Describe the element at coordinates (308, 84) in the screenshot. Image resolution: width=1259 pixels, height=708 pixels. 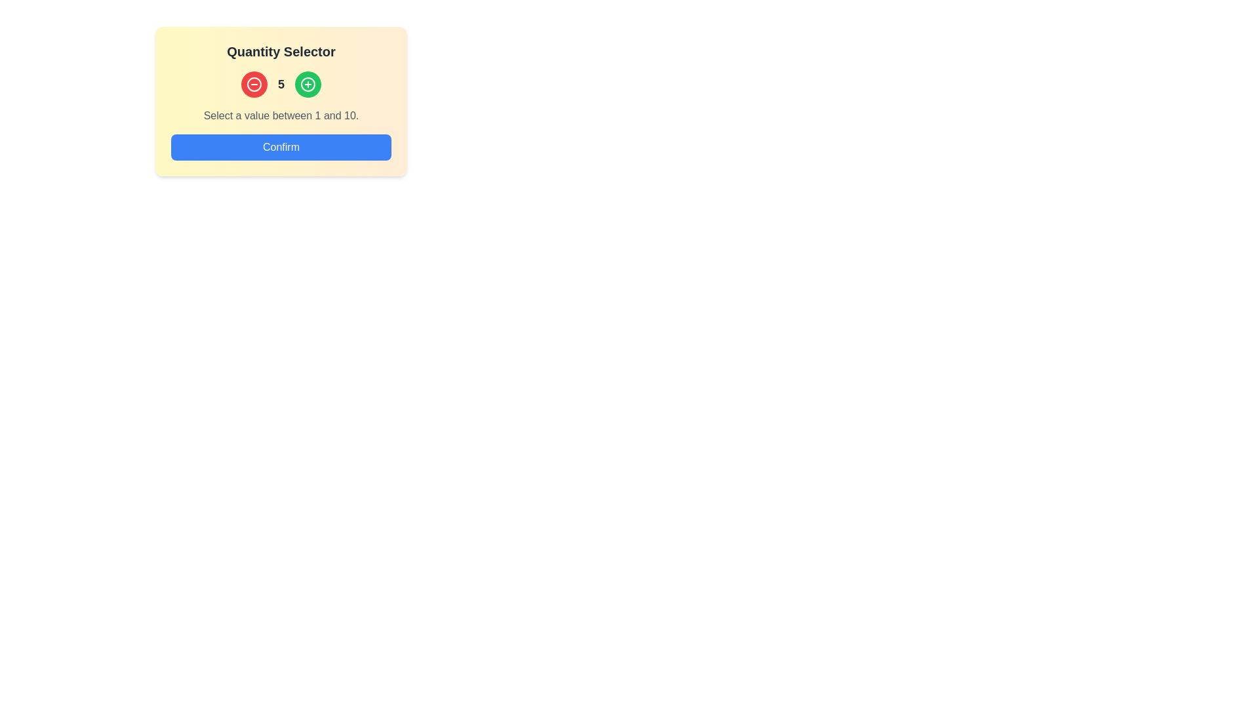
I see `the presence of the circular increment icon with a plus sign inside, located at the rightmost part of the control panel adjacent to the 'Confirm' button` at that location.